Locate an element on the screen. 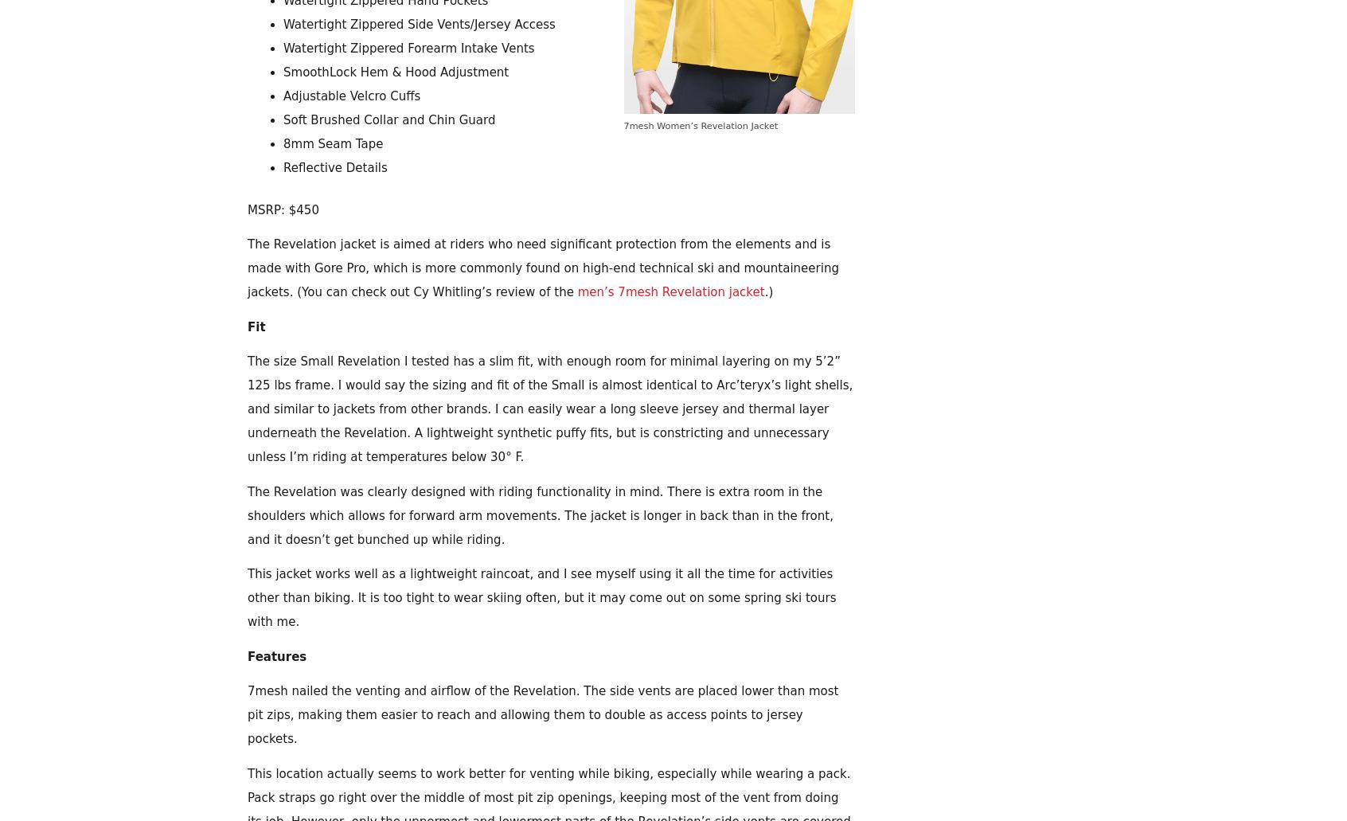 The height and width of the screenshot is (821, 1347). 'Features' is located at coordinates (276, 655).